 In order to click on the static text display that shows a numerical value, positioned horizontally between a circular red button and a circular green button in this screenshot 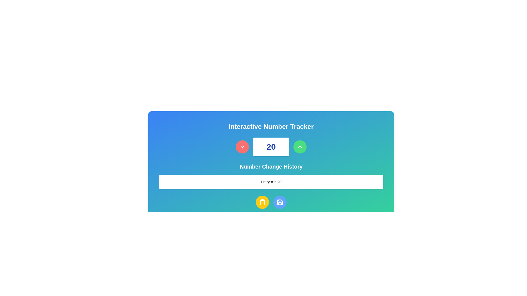, I will do `click(271, 147)`.